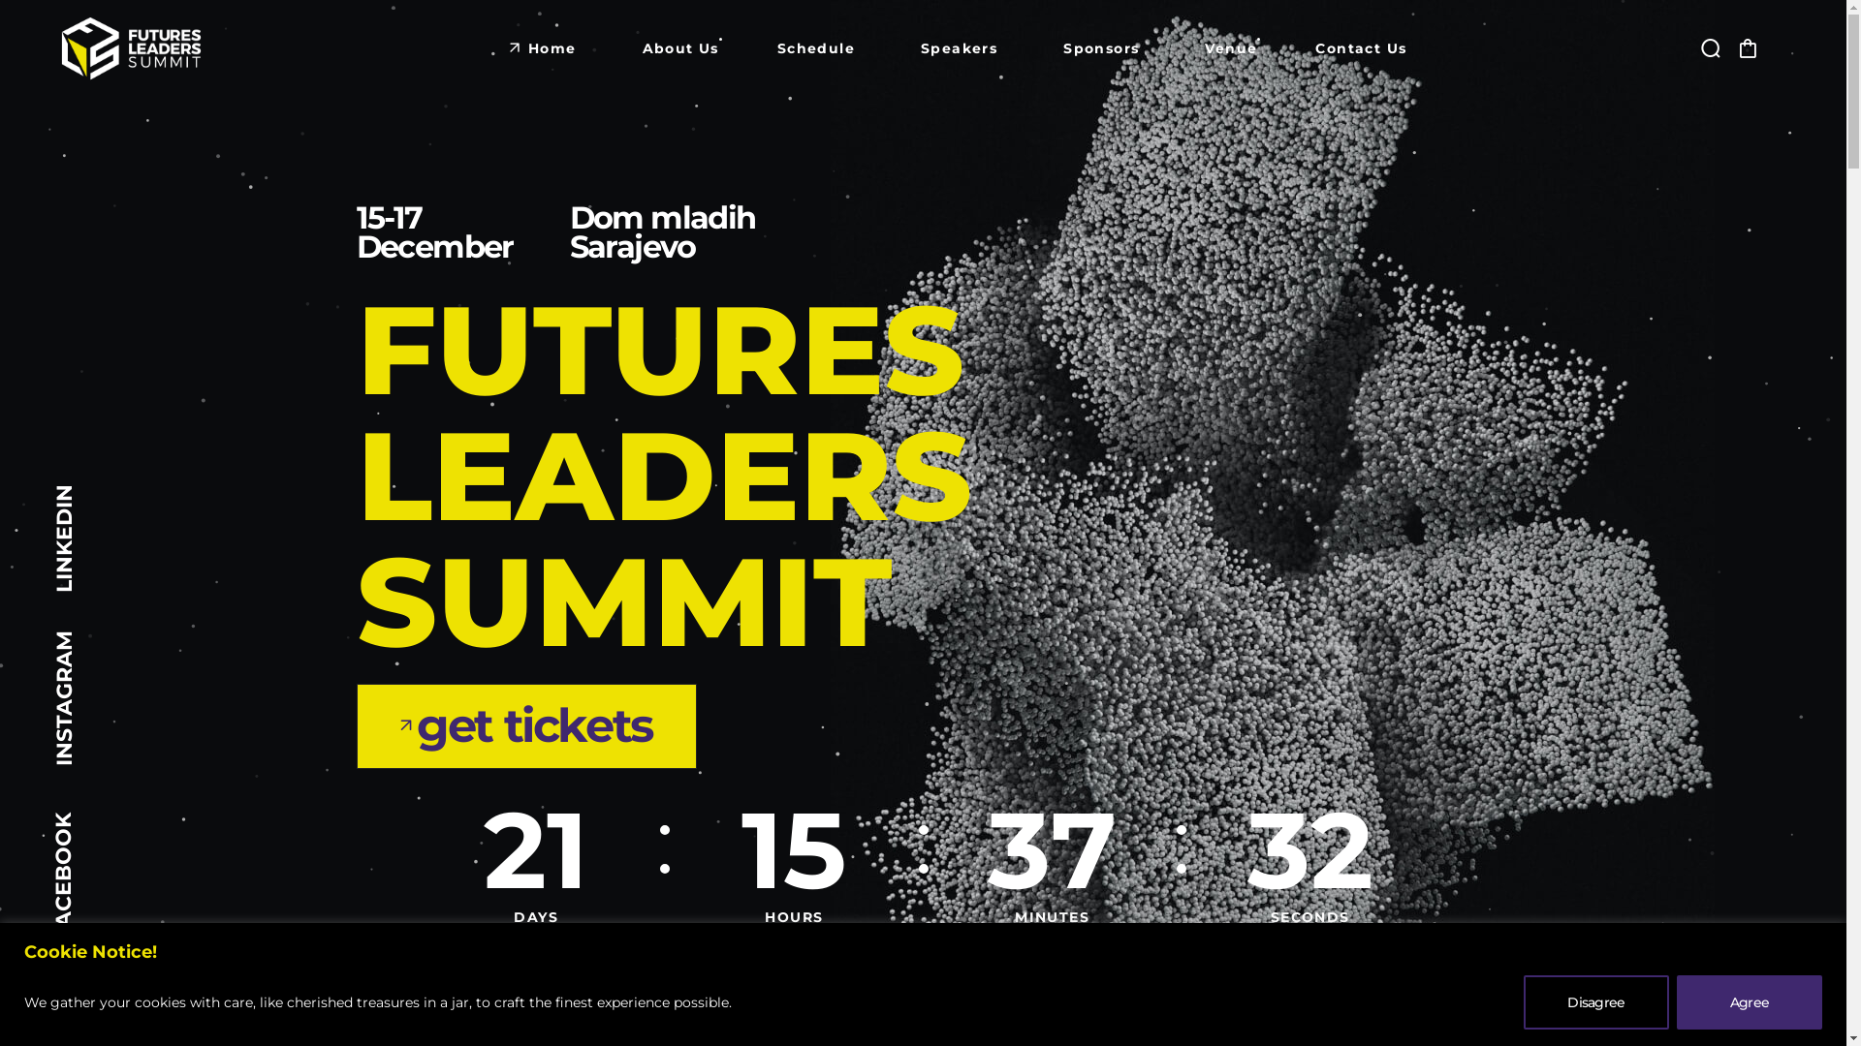 The image size is (1861, 1046). What do you see at coordinates (677, 47) in the screenshot?
I see `'About Us'` at bounding box center [677, 47].